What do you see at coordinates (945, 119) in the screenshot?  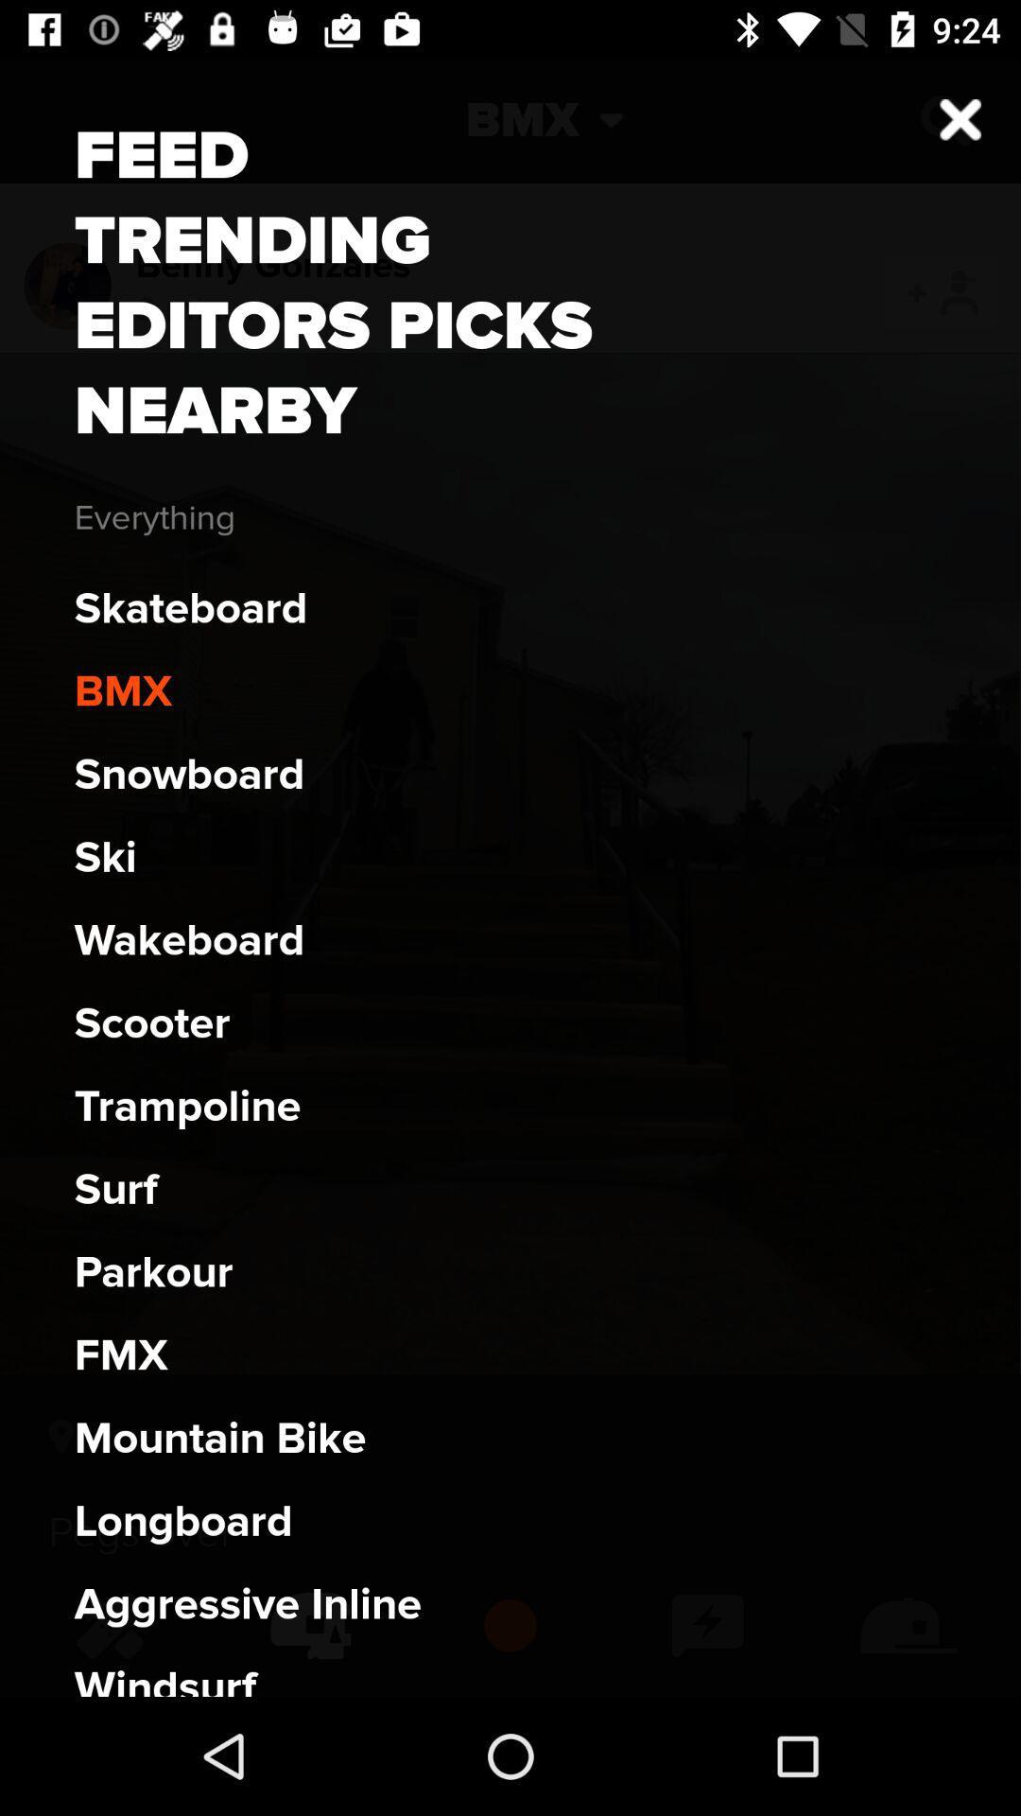 I see `the close icon` at bounding box center [945, 119].